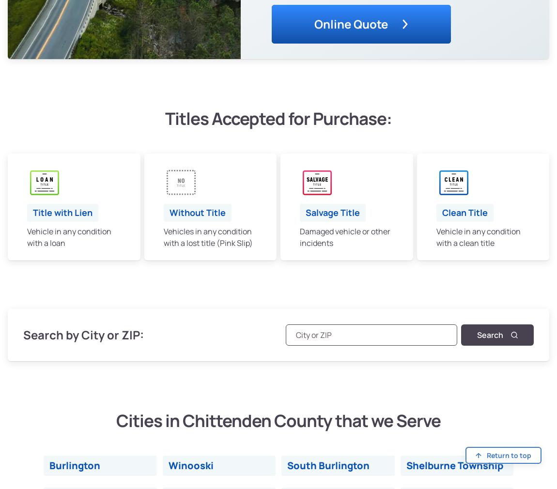 This screenshot has height=489, width=557. What do you see at coordinates (299, 237) in the screenshot?
I see `'Damaged vehicle or other incidents'` at bounding box center [299, 237].